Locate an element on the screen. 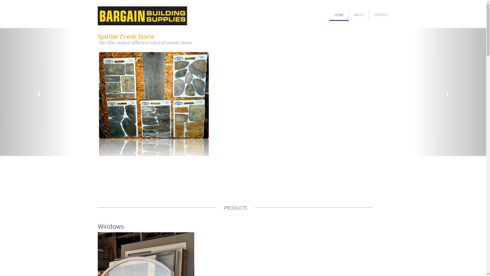  'HOME' is located at coordinates (339, 15).